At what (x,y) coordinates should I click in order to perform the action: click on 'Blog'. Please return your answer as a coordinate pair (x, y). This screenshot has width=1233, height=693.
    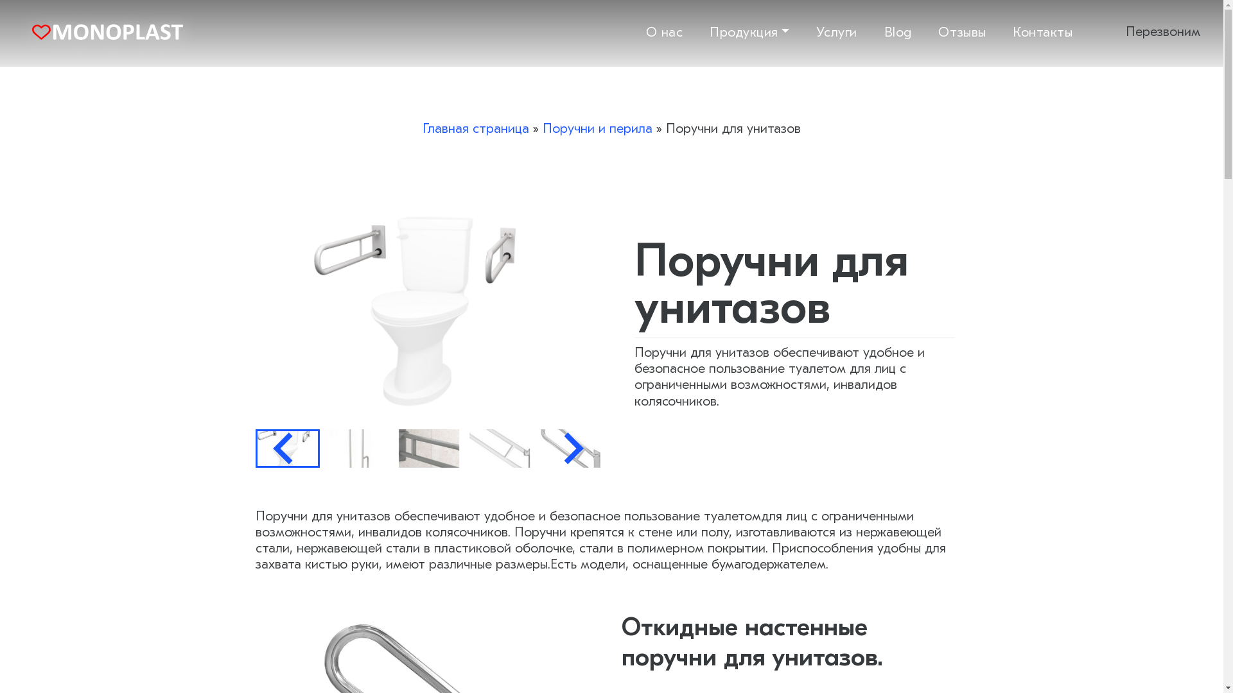
    Looking at the image, I should click on (884, 31).